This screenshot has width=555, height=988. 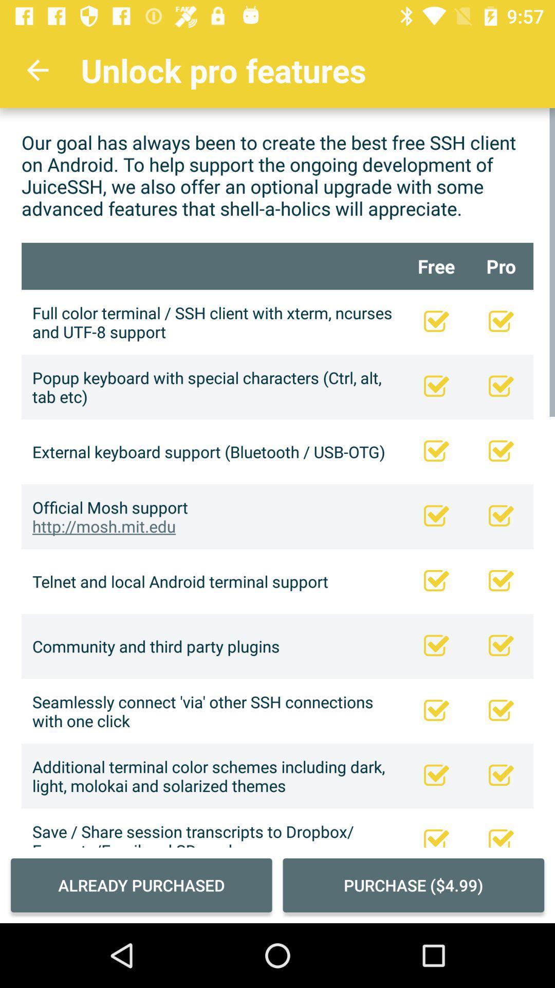 What do you see at coordinates (413, 885) in the screenshot?
I see `item to the right of already purchased item` at bounding box center [413, 885].